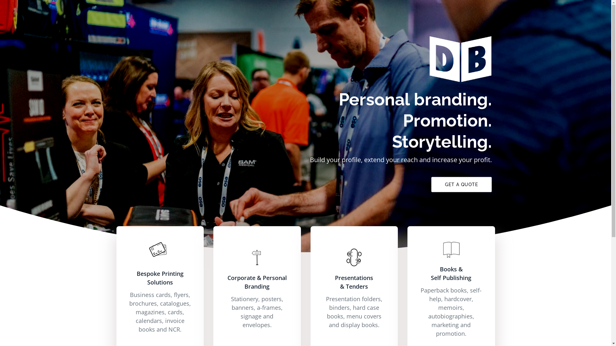  What do you see at coordinates (429, 59) in the screenshot?
I see `'Doing Business'` at bounding box center [429, 59].